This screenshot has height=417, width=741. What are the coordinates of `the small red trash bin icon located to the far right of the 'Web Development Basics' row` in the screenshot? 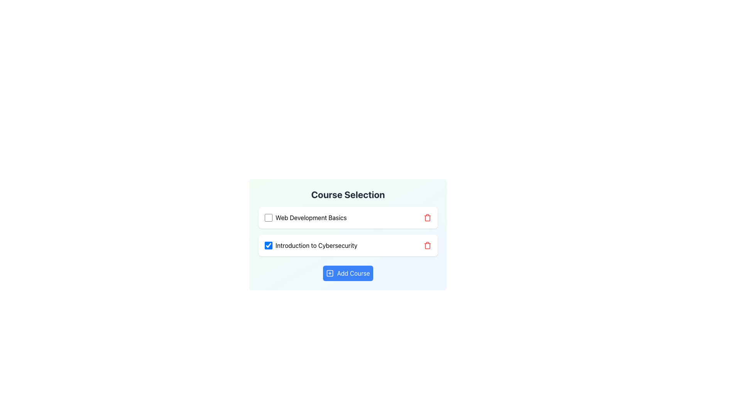 It's located at (427, 217).